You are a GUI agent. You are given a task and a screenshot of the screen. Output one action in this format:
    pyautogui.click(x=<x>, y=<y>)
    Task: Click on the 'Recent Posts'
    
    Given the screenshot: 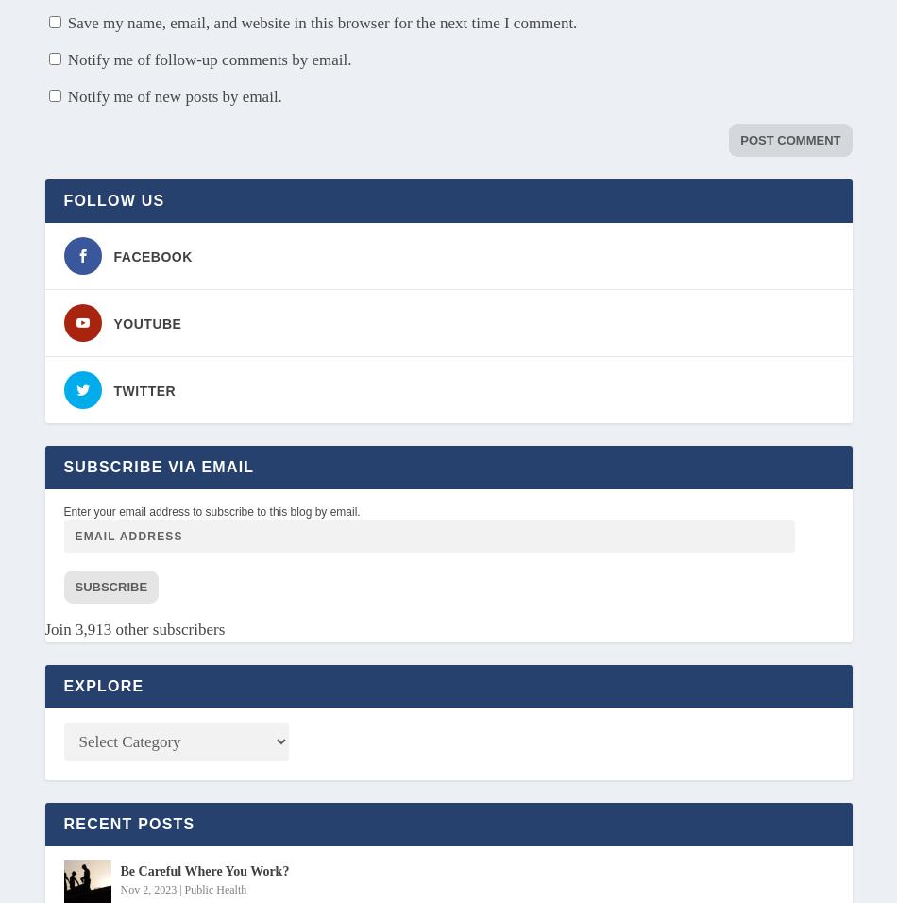 What is the action you would take?
    pyautogui.click(x=128, y=823)
    